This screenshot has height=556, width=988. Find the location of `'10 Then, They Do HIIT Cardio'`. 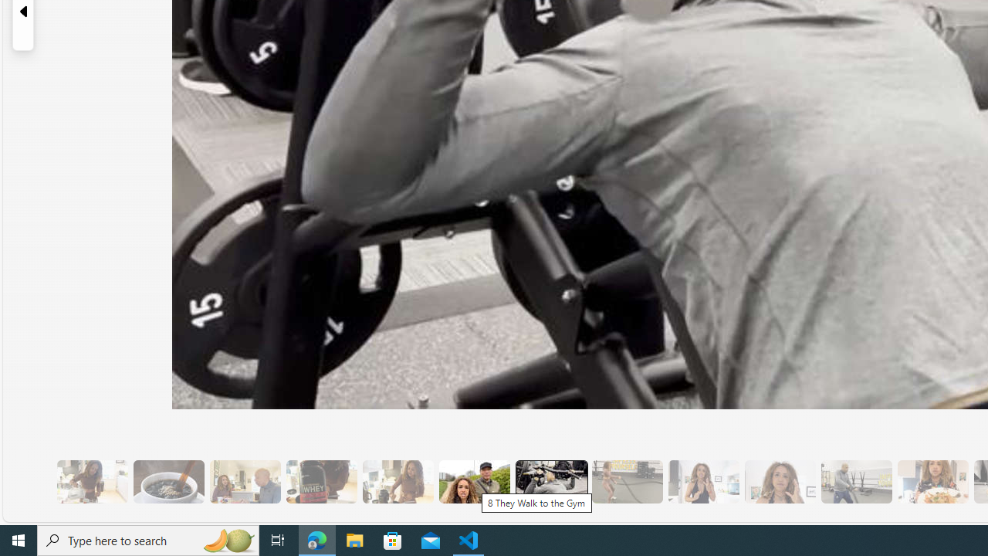

'10 Then, They Do HIIT Cardio' is located at coordinates (627, 481).